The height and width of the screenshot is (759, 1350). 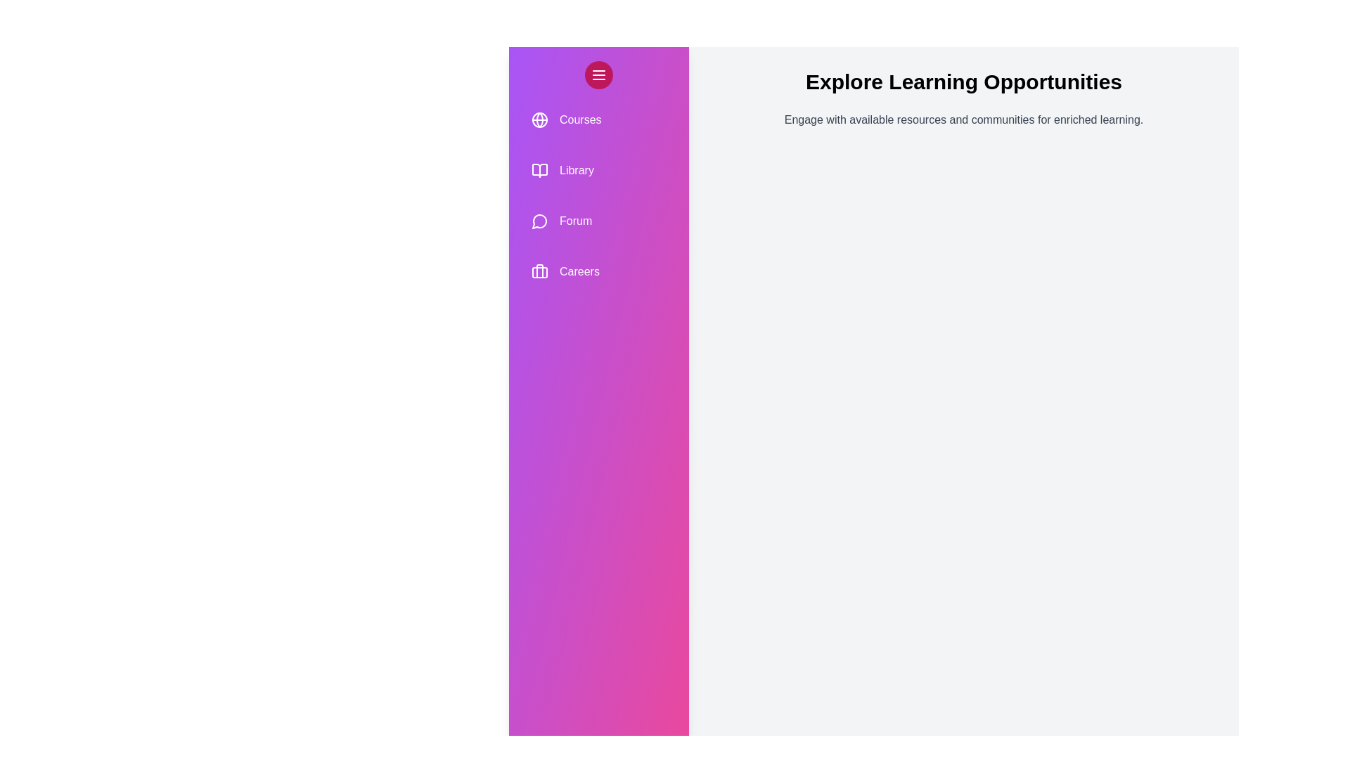 I want to click on the menu button to toggle the drawer state, so click(x=598, y=75).